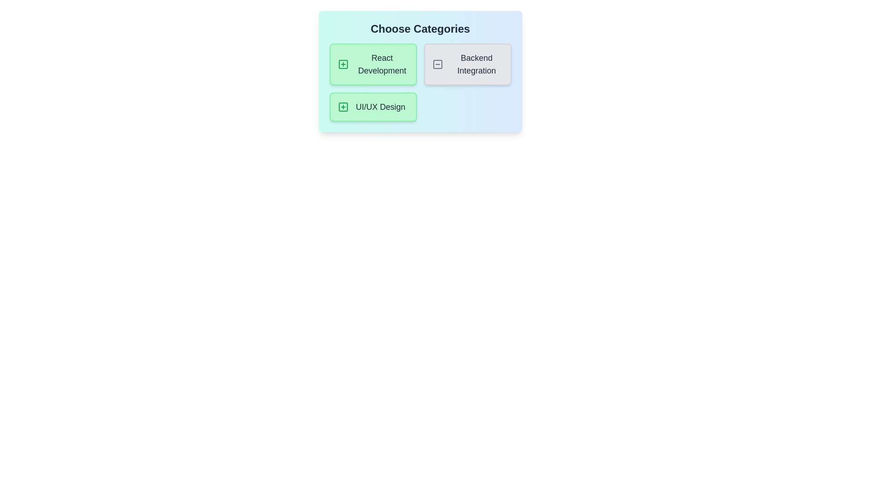 This screenshot has height=490, width=872. Describe the element at coordinates (467, 64) in the screenshot. I see `the category Backend Integration` at that location.